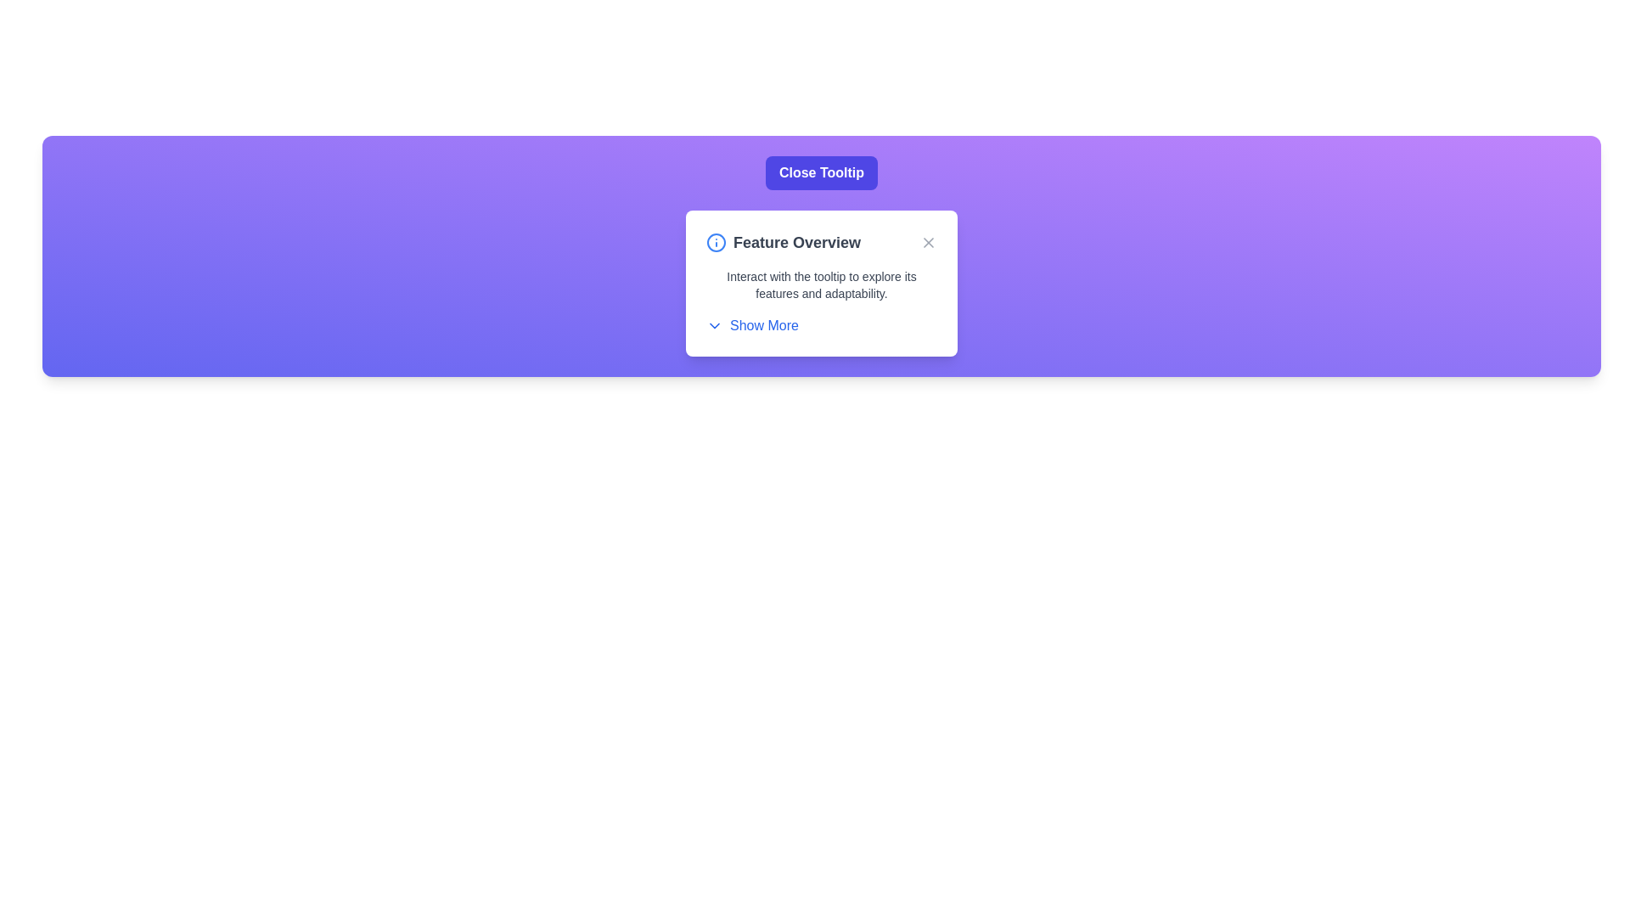 The width and height of the screenshot is (1630, 917). What do you see at coordinates (717, 242) in the screenshot?
I see `the circular SVG component that is part of the icon adjacent to the 'Feature Overview' text in the tooltip card` at bounding box center [717, 242].